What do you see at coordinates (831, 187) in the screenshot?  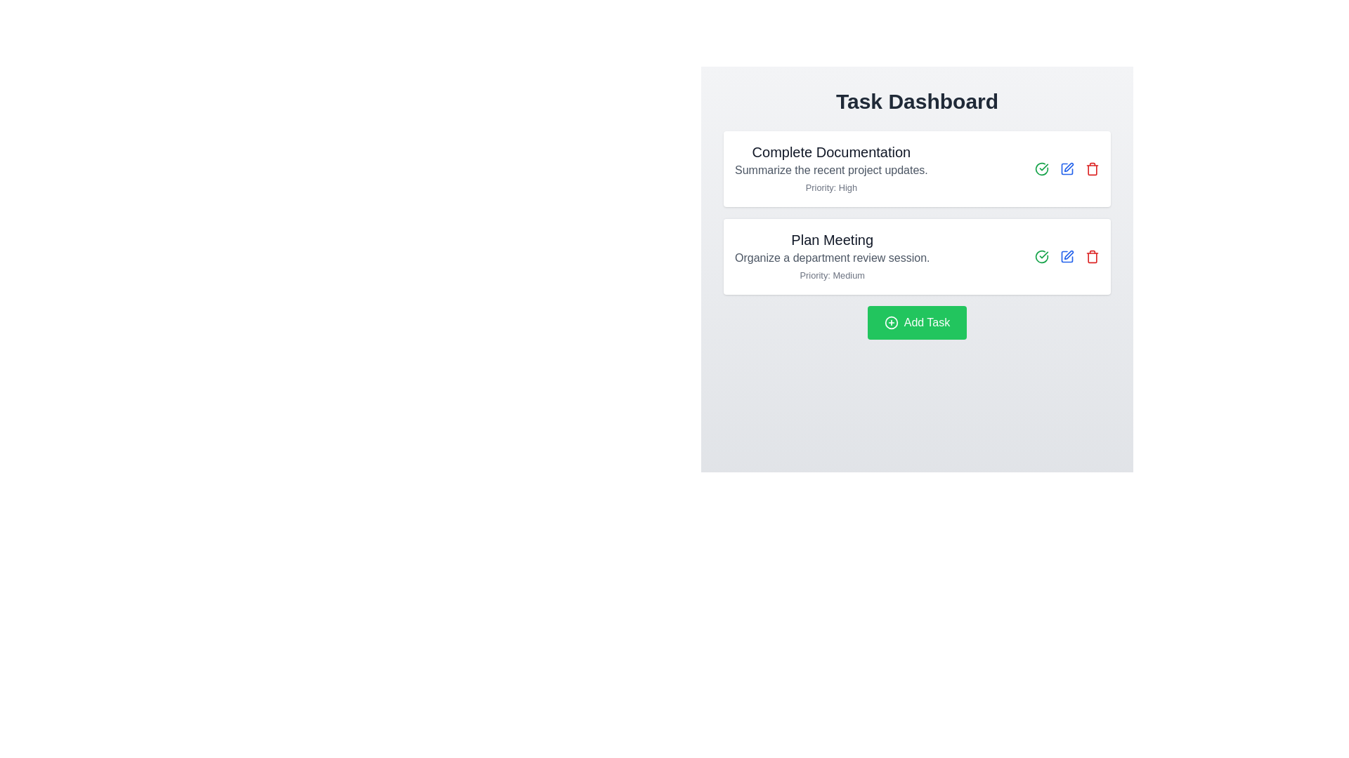 I see `the Text label indicating the priority level of the task under 'Complete Documentation' and the description 'Summarize the recent project updates.'` at bounding box center [831, 187].